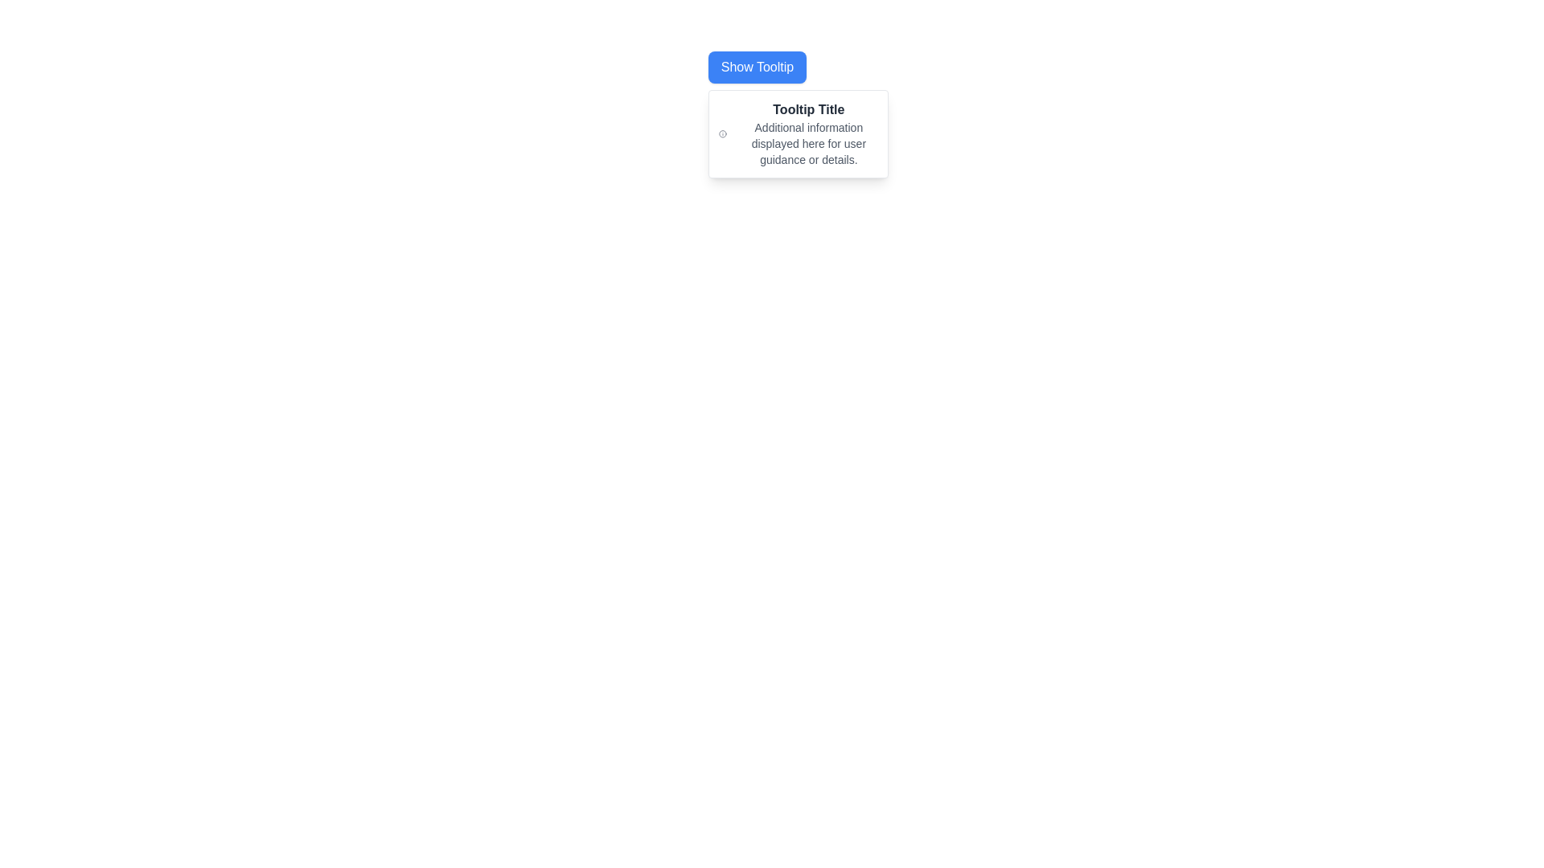 The image size is (1544, 868). What do you see at coordinates (756, 67) in the screenshot?
I see `the button labeled 'Show Tooltip' with a blue background and rounded corners` at bounding box center [756, 67].